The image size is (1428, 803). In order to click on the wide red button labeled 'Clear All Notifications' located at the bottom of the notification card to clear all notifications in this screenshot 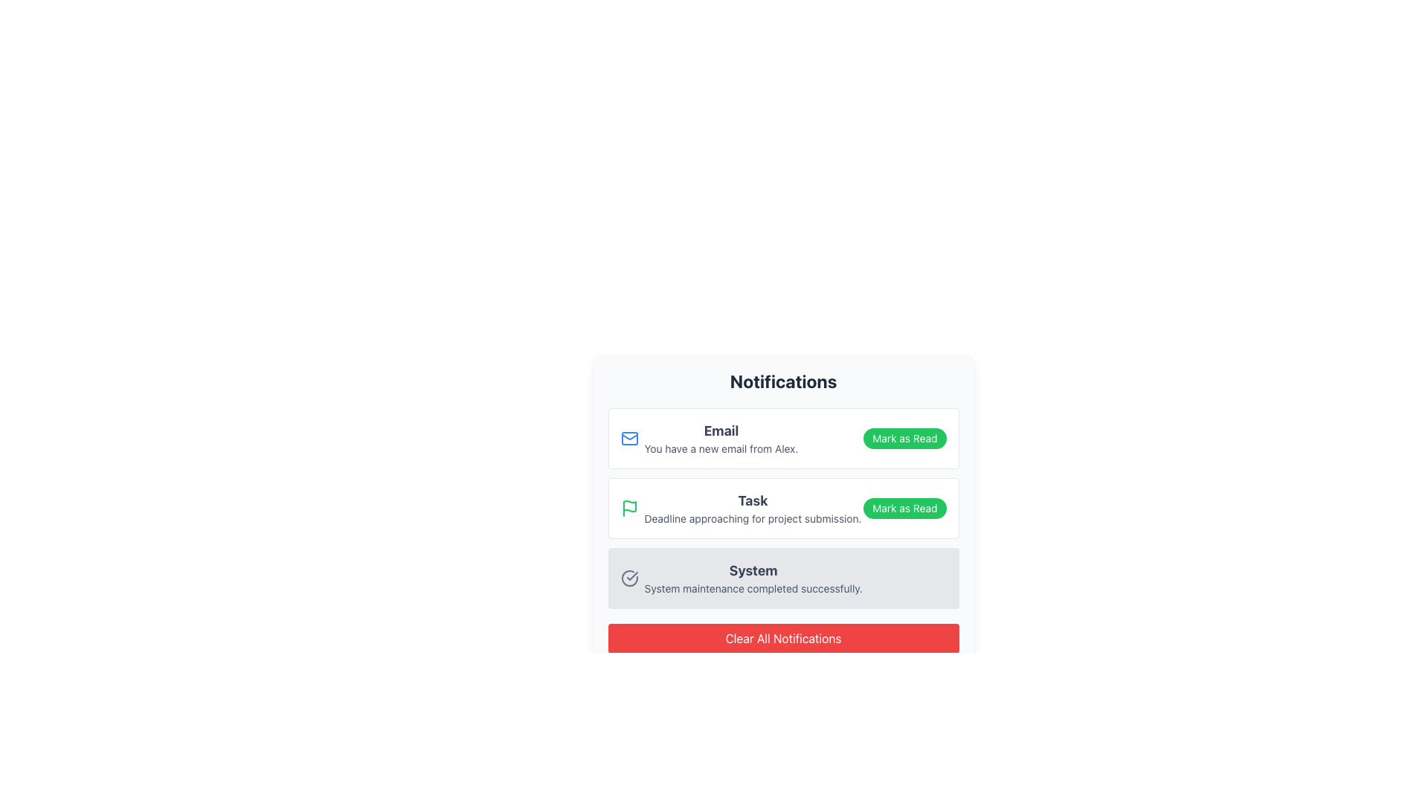, I will do `click(782, 638)`.